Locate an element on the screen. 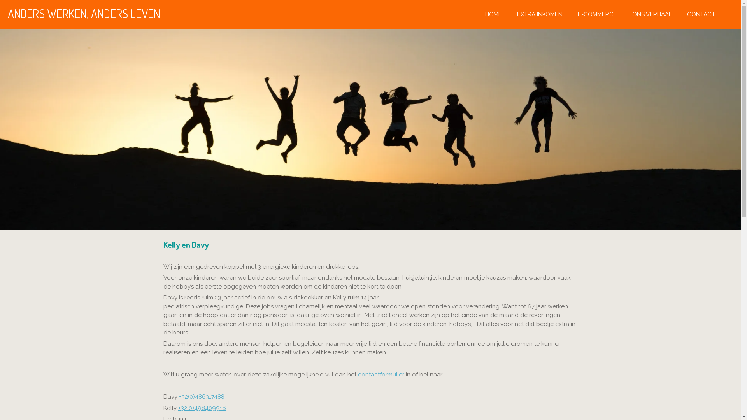  'E-COMMERCE' is located at coordinates (597, 14).